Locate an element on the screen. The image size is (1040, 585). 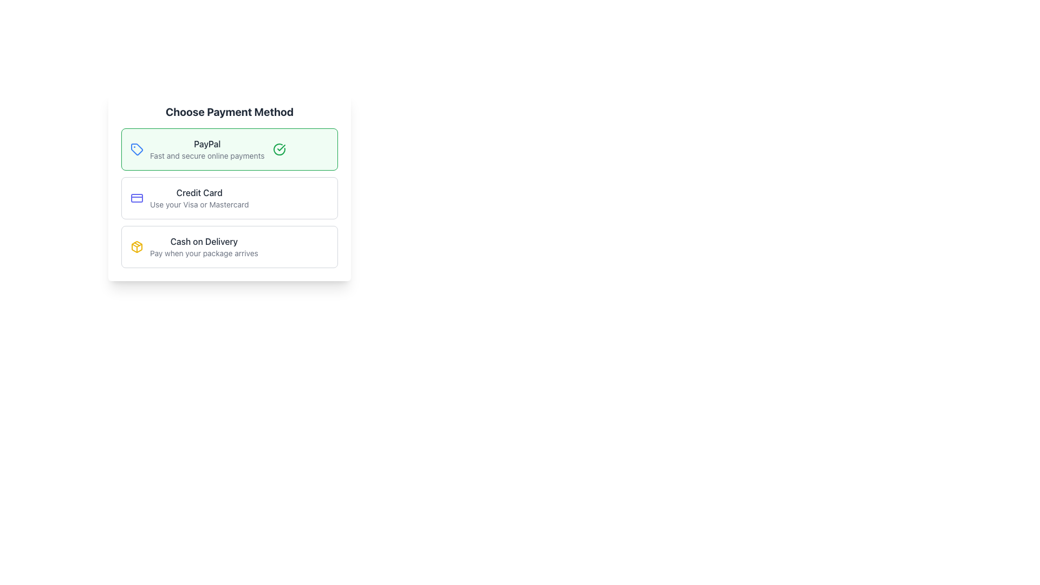
the 'Credit Card' selectable card located below the 'PayPal' option and above 'Cash on Delivery' in the 'Choose Payment Method' section is located at coordinates (229, 198).